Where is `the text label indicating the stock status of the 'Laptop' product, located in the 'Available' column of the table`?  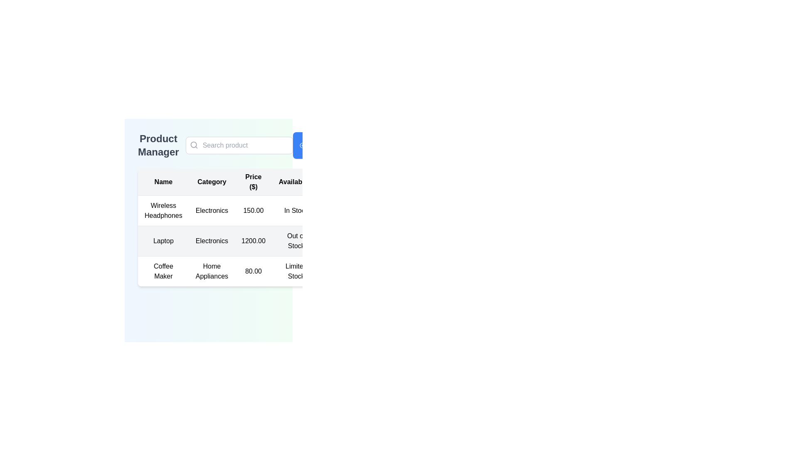
the text label indicating the stock status of the 'Laptop' product, located in the 'Available' column of the table is located at coordinates (296, 241).